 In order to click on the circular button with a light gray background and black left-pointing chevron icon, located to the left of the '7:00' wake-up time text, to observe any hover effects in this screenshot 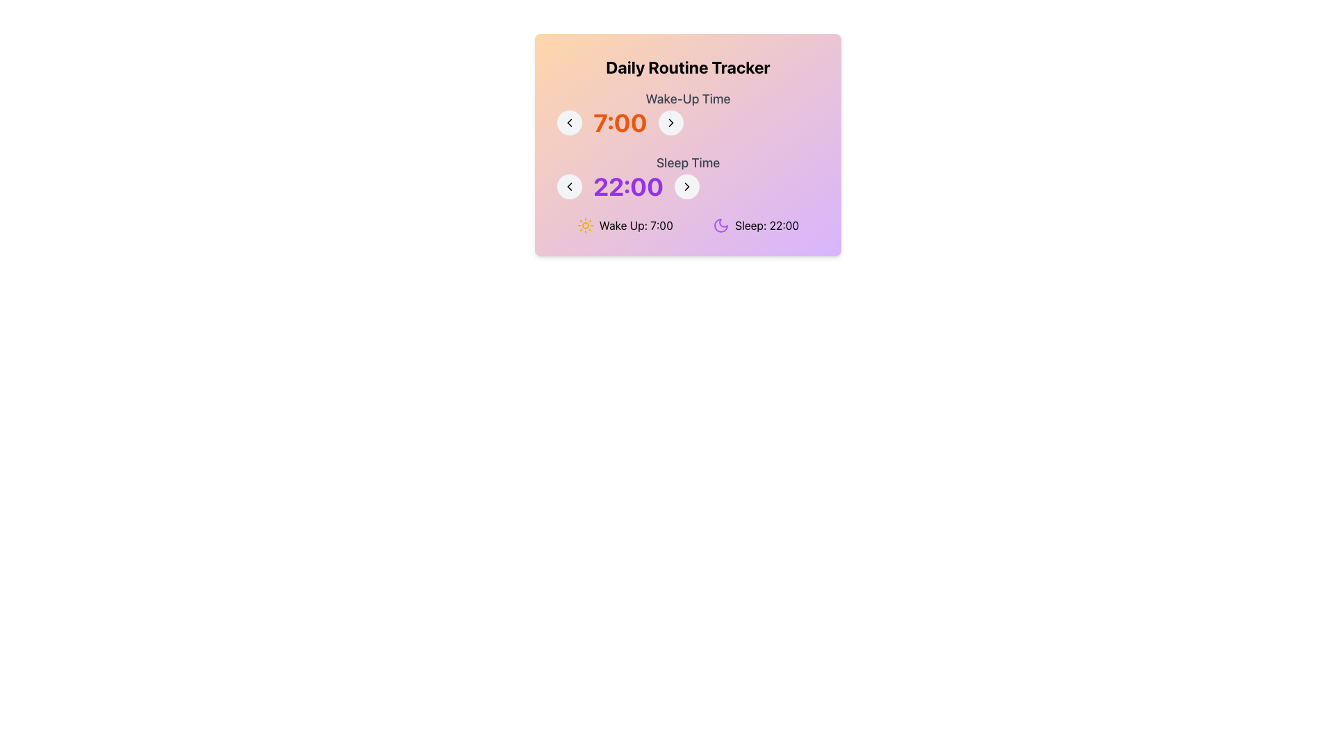, I will do `click(570, 122)`.